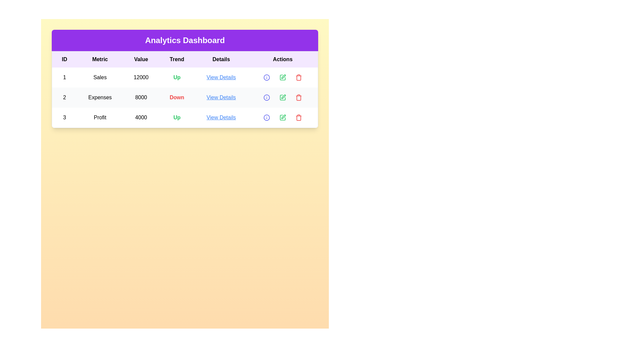 The width and height of the screenshot is (641, 361). What do you see at coordinates (282, 77) in the screenshot?
I see `the edit icon button, which is a green square with a pen shape overlapping its upper-right corner, located as the second icon in the Actions column of the first row of the table` at bounding box center [282, 77].